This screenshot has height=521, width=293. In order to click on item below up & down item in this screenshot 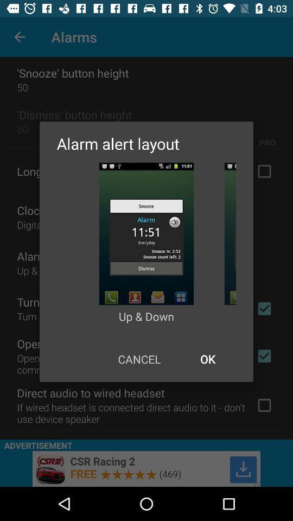, I will do `click(139, 359)`.